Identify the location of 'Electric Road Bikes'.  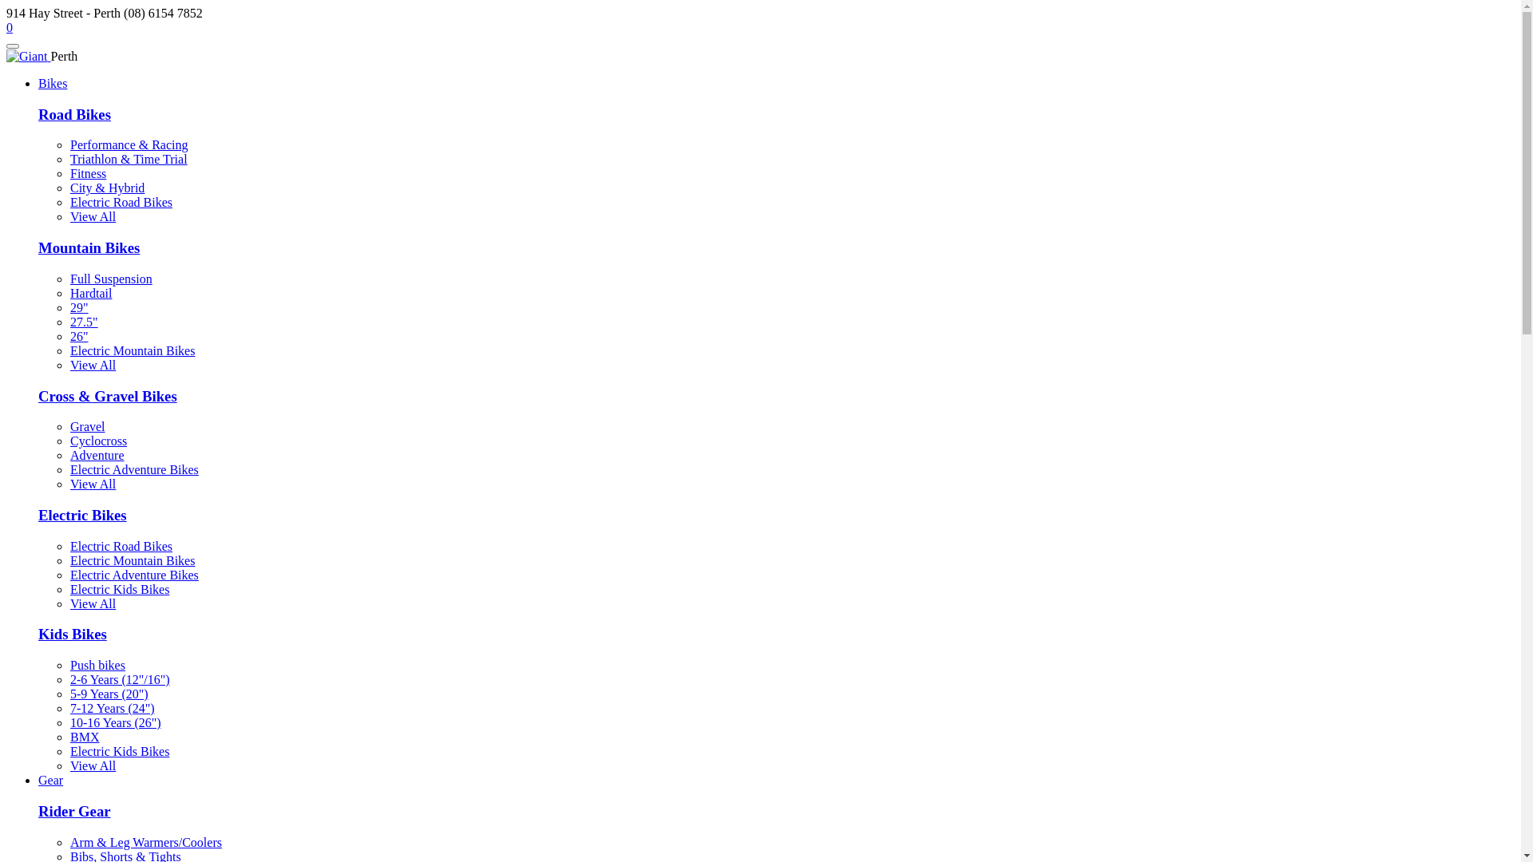
(121, 201).